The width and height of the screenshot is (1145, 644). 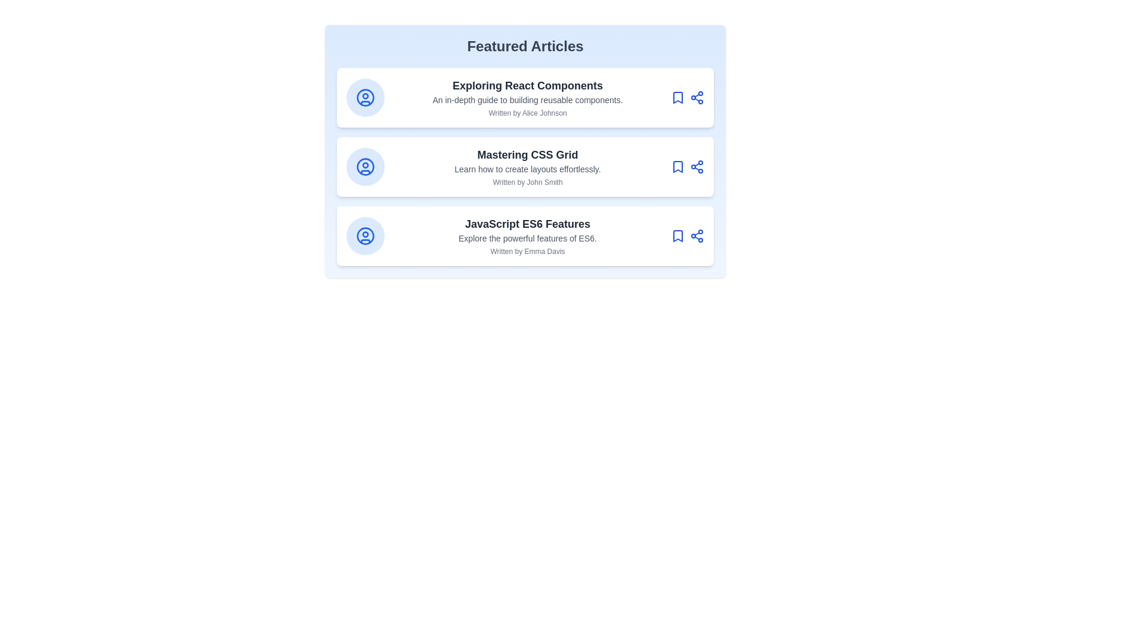 I want to click on user icon on the article card corresponding to Exploring React Components, so click(x=365, y=97).